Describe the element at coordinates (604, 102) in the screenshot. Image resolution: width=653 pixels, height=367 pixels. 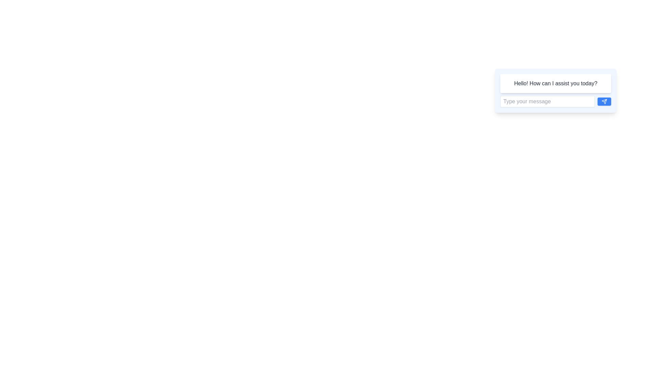
I see `the blue button with rounded edges, featuring a white send icon resembling a paper airplane, to observe its hover state` at that location.